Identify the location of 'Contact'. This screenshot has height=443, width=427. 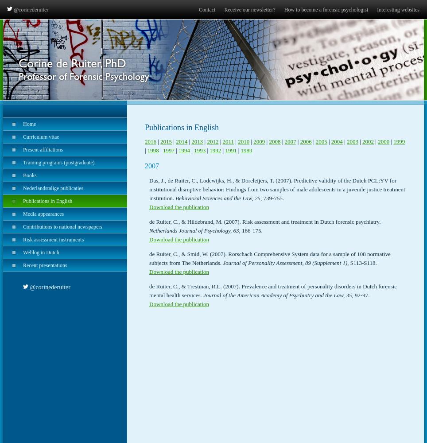
(207, 10).